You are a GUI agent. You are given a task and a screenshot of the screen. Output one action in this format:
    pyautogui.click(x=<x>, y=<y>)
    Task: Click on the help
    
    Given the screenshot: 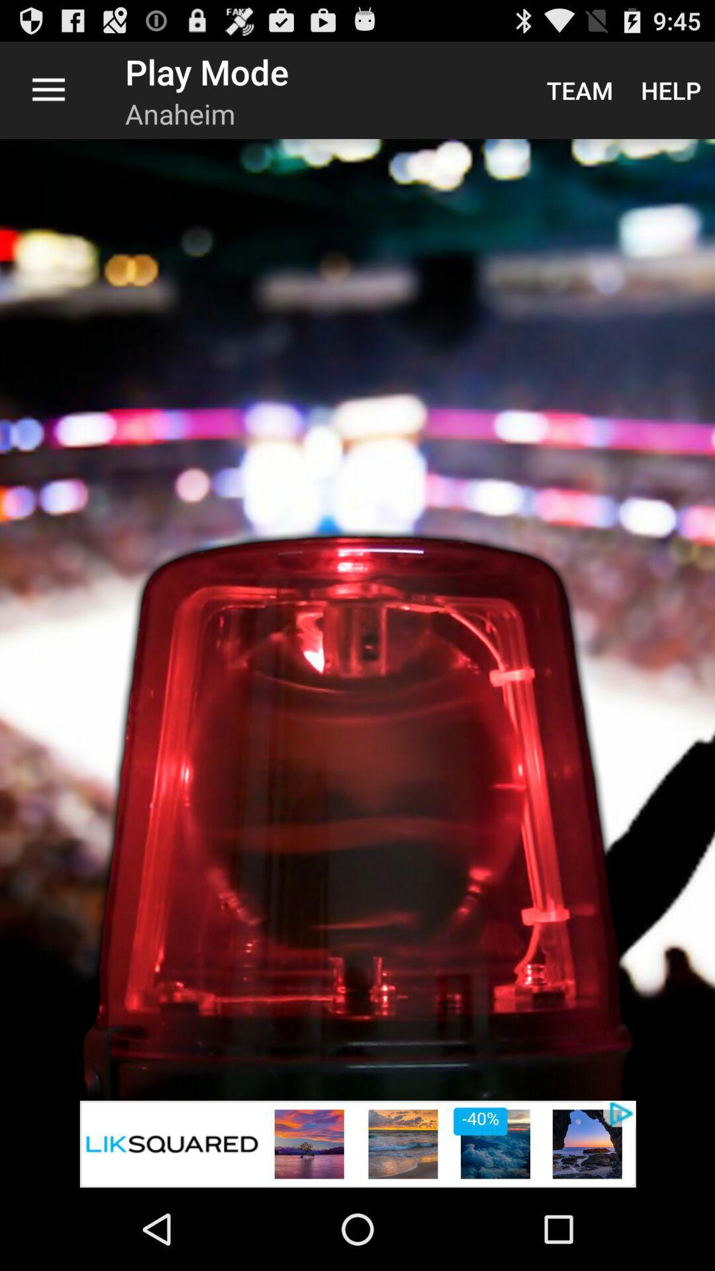 What is the action you would take?
    pyautogui.click(x=671, y=89)
    